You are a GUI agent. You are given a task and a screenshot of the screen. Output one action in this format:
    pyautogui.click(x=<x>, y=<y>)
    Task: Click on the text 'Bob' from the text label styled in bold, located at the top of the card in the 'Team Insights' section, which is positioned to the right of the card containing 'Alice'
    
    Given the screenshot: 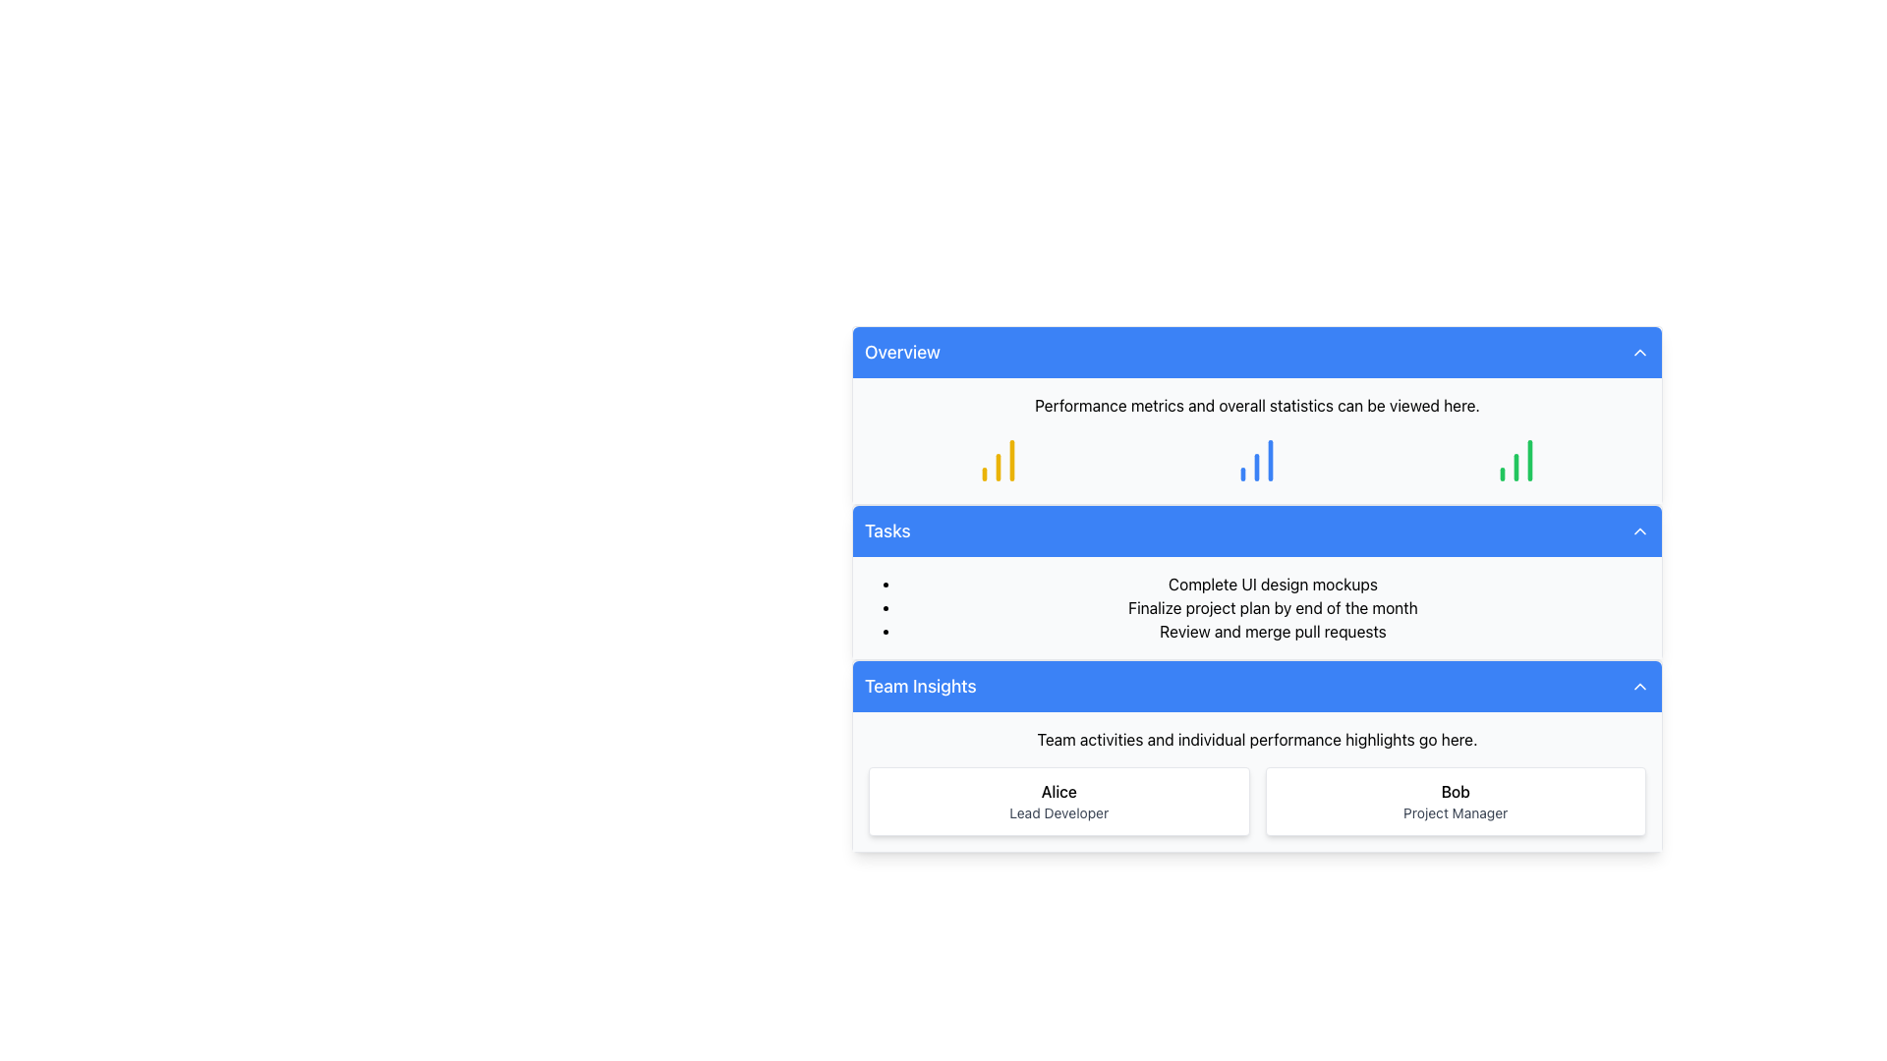 What is the action you would take?
    pyautogui.click(x=1456, y=791)
    